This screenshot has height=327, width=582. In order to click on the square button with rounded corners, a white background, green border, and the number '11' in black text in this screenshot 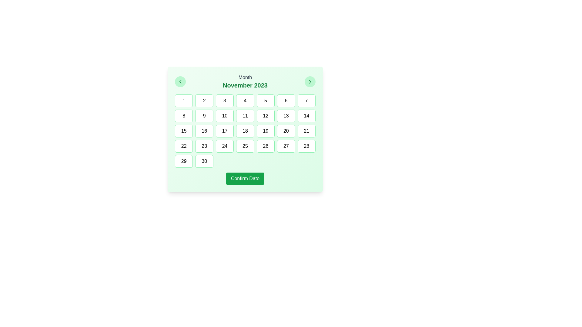, I will do `click(245, 116)`.